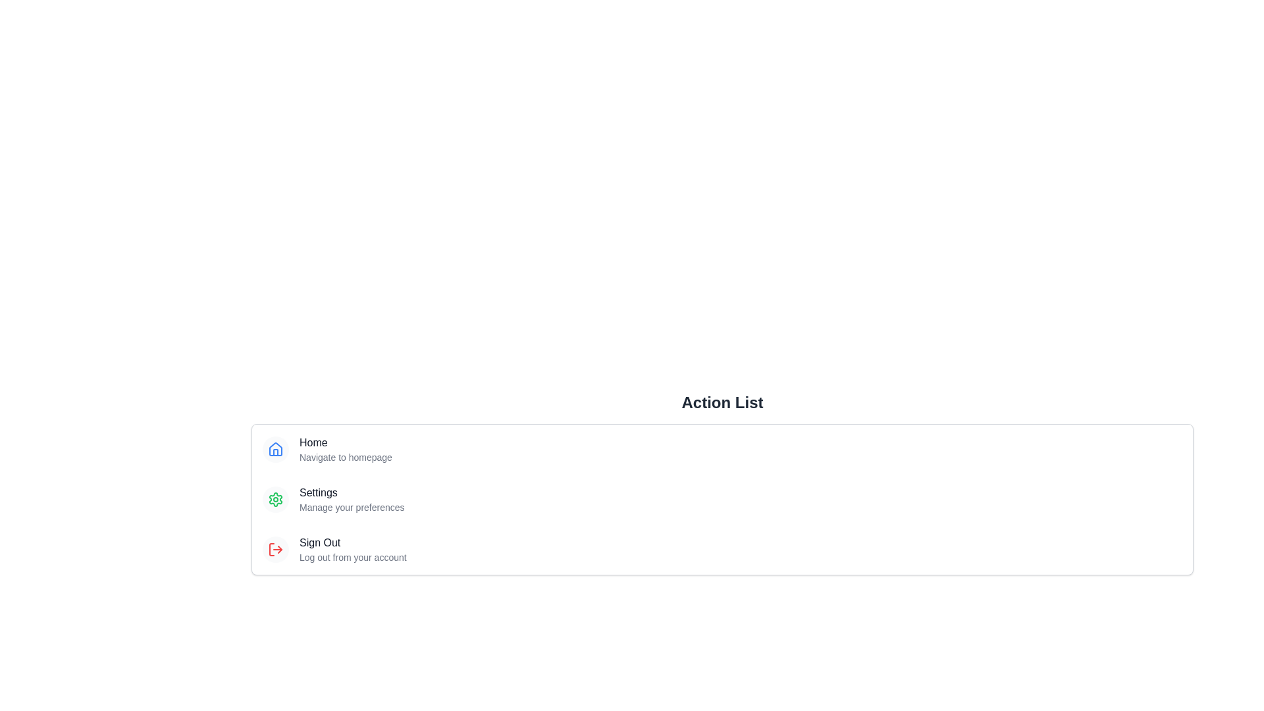 The height and width of the screenshot is (711, 1264). What do you see at coordinates (275, 448) in the screenshot?
I see `the circular icon with a light gray background and a blue house symbol, positioned to the left of the text 'Home' and 'Navigate to homepage' in the topmost entry of a vertical list` at bounding box center [275, 448].